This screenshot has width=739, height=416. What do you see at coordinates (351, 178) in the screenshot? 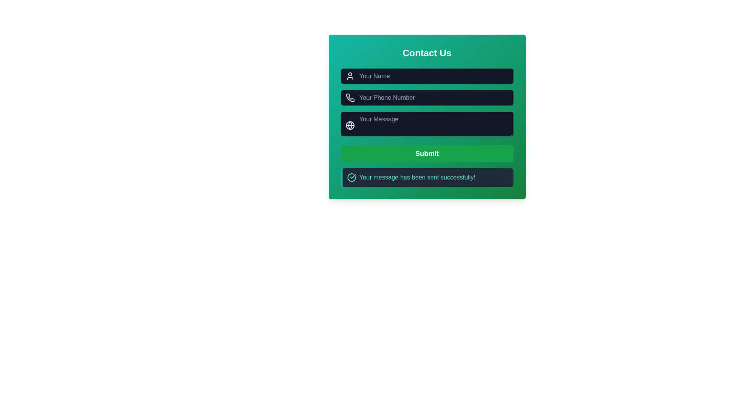
I see `the visual state of the success message icon, which is located on the left side of the notification box indicating that the message has been sent successfully` at bounding box center [351, 178].